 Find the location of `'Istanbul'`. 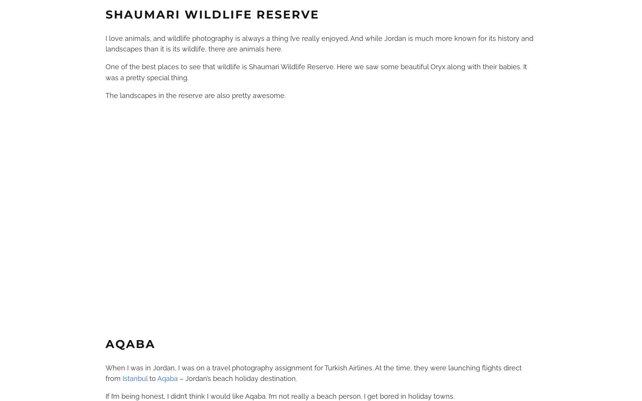

'Istanbul' is located at coordinates (135, 378).